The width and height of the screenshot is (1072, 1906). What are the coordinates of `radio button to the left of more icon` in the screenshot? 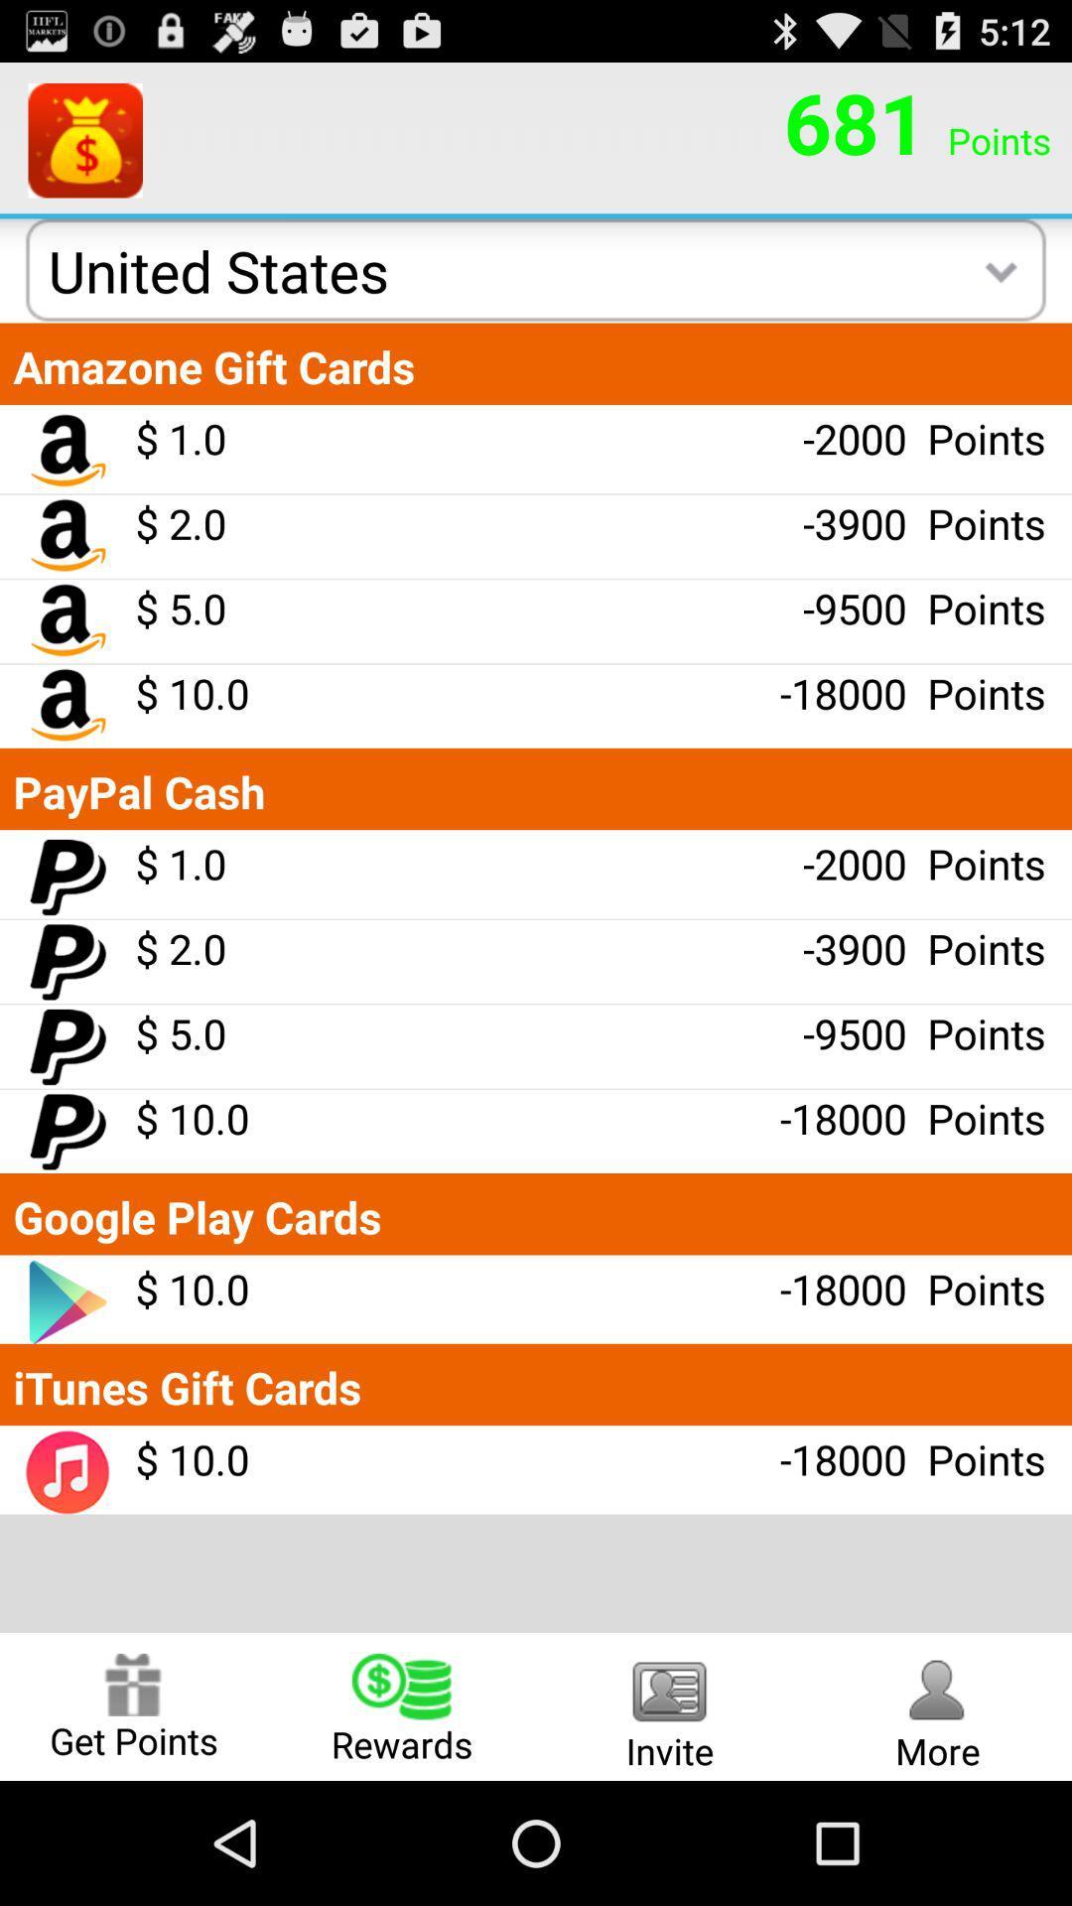 It's located at (670, 1705).